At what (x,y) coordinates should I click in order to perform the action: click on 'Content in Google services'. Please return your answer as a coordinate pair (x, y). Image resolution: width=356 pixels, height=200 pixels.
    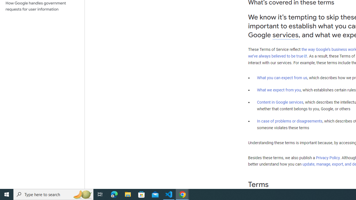
    Looking at the image, I should click on (280, 102).